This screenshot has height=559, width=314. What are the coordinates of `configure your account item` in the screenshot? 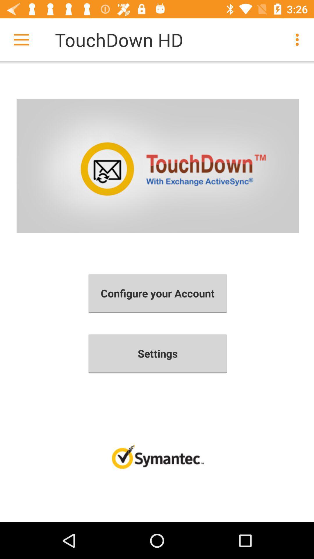 It's located at (158, 293).